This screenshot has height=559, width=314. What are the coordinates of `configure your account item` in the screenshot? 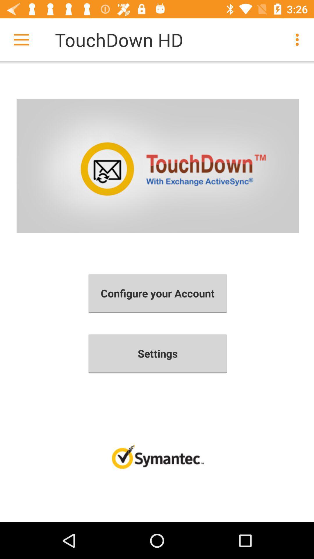 It's located at (158, 293).